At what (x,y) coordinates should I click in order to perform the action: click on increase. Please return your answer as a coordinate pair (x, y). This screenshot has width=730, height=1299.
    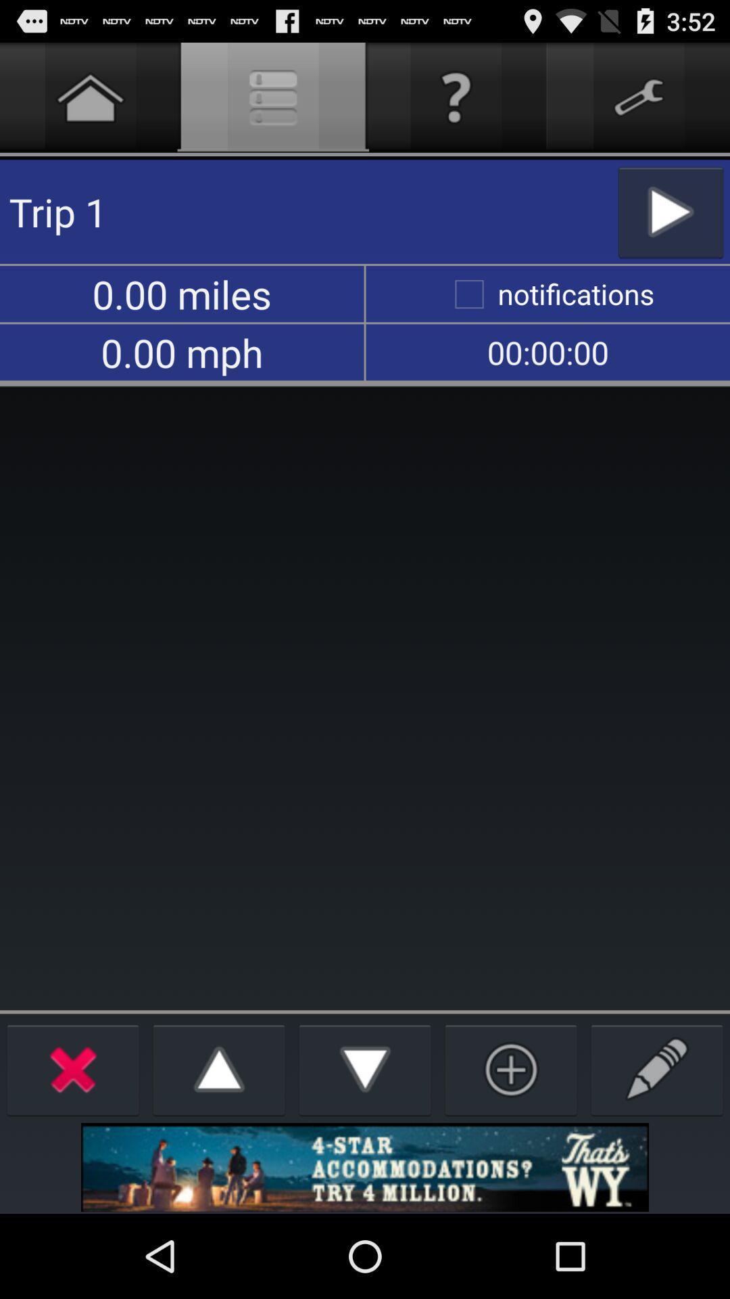
    Looking at the image, I should click on (218, 1068).